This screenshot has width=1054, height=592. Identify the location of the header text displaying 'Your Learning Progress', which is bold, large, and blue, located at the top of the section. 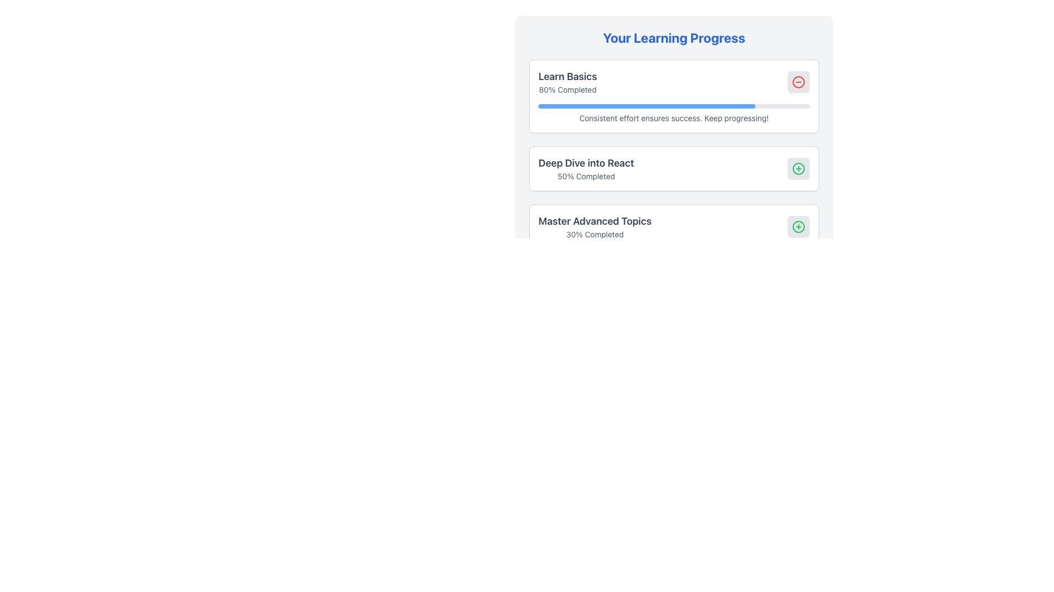
(674, 37).